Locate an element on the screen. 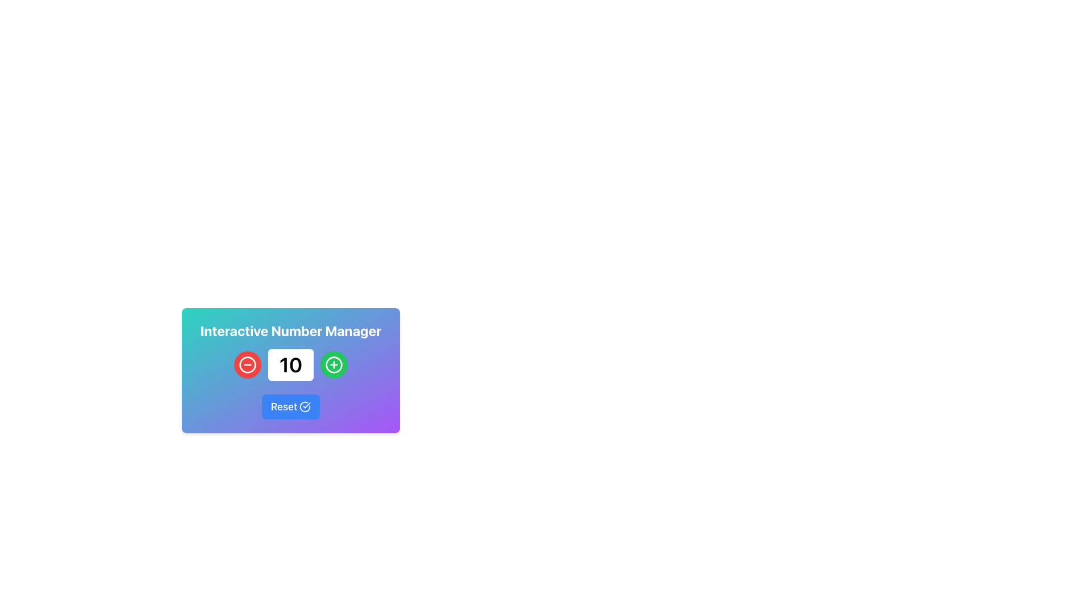 Image resolution: width=1091 pixels, height=613 pixels. the plus button located to the right of the numeric display field to increment the value displayed in that field is located at coordinates (334, 365).